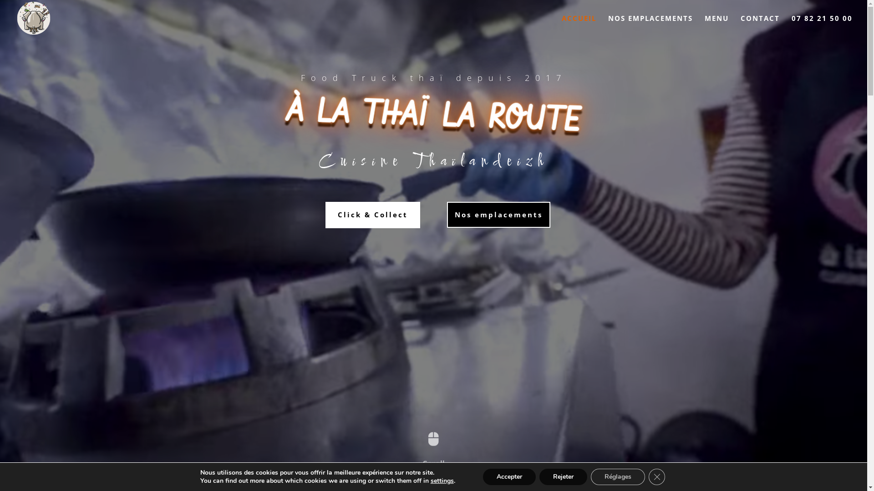 The width and height of the screenshot is (874, 491). Describe the element at coordinates (657, 476) in the screenshot. I see `'Close GDPR Cookie Banner'` at that location.